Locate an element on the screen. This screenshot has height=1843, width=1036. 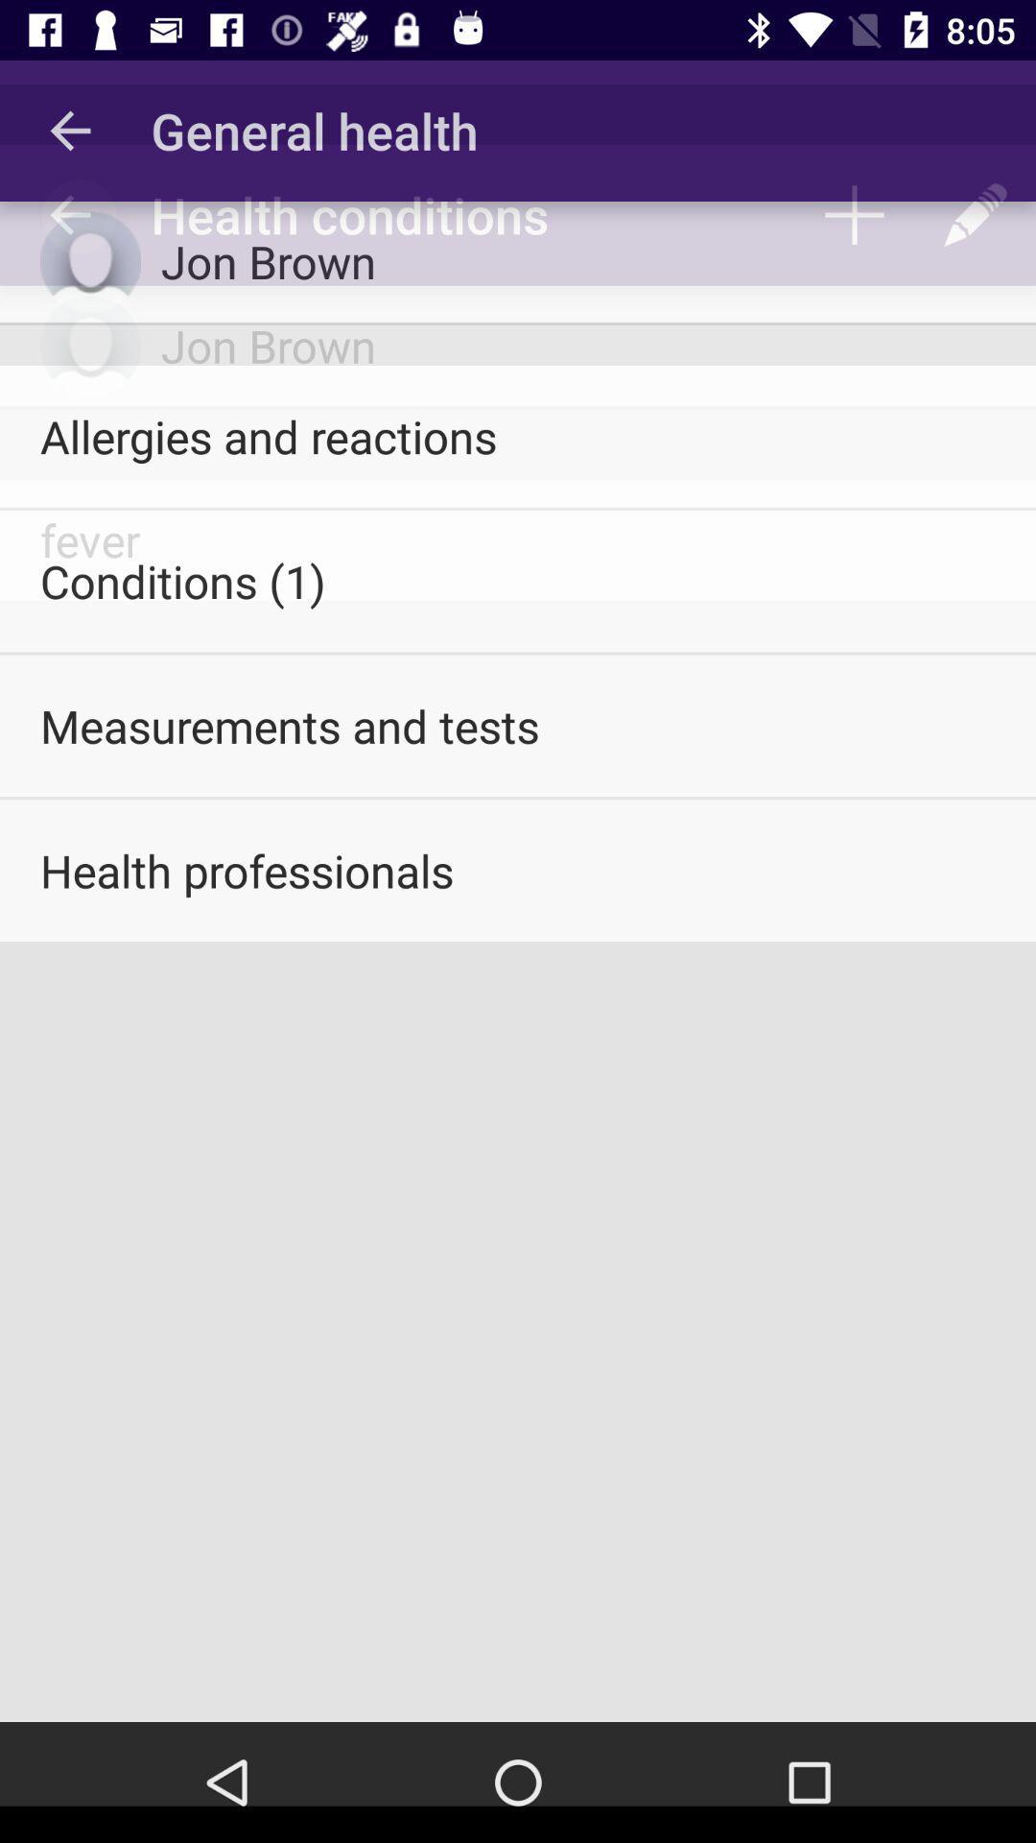
icon above the conditions (1) is located at coordinates (518, 435).